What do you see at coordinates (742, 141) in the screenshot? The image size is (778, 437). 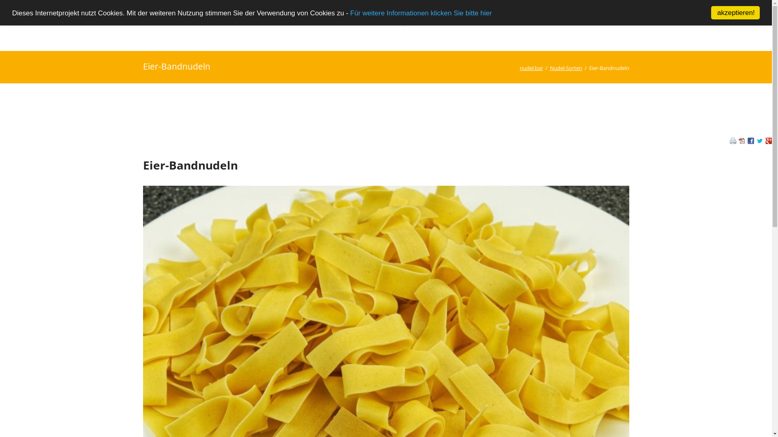 I see `'Artikel als PDF speichern'` at bounding box center [742, 141].